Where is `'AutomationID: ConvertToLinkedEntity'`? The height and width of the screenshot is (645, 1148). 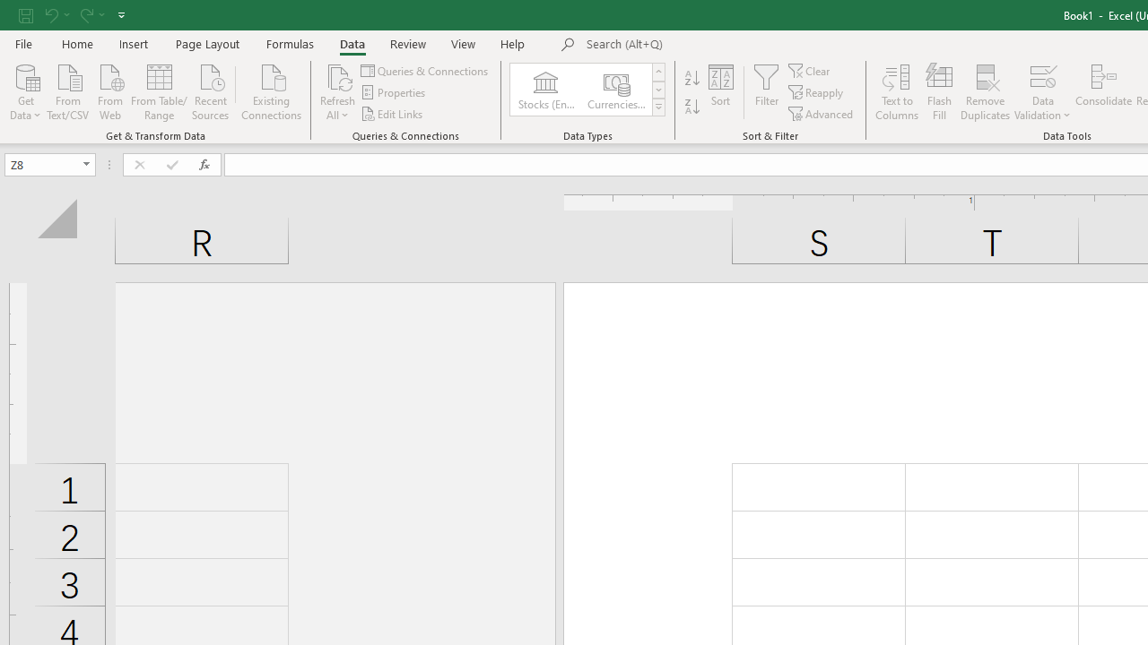 'AutomationID: ConvertToLinkedEntity' is located at coordinates (588, 90).